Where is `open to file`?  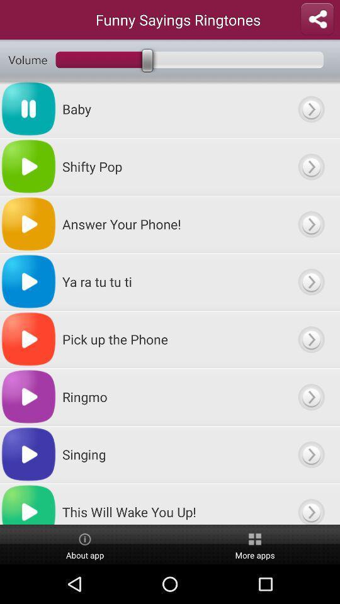
open to file is located at coordinates (310, 504).